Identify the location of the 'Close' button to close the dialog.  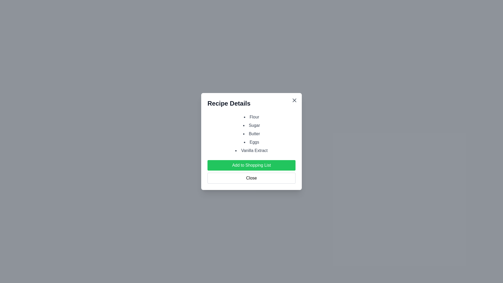
(251, 178).